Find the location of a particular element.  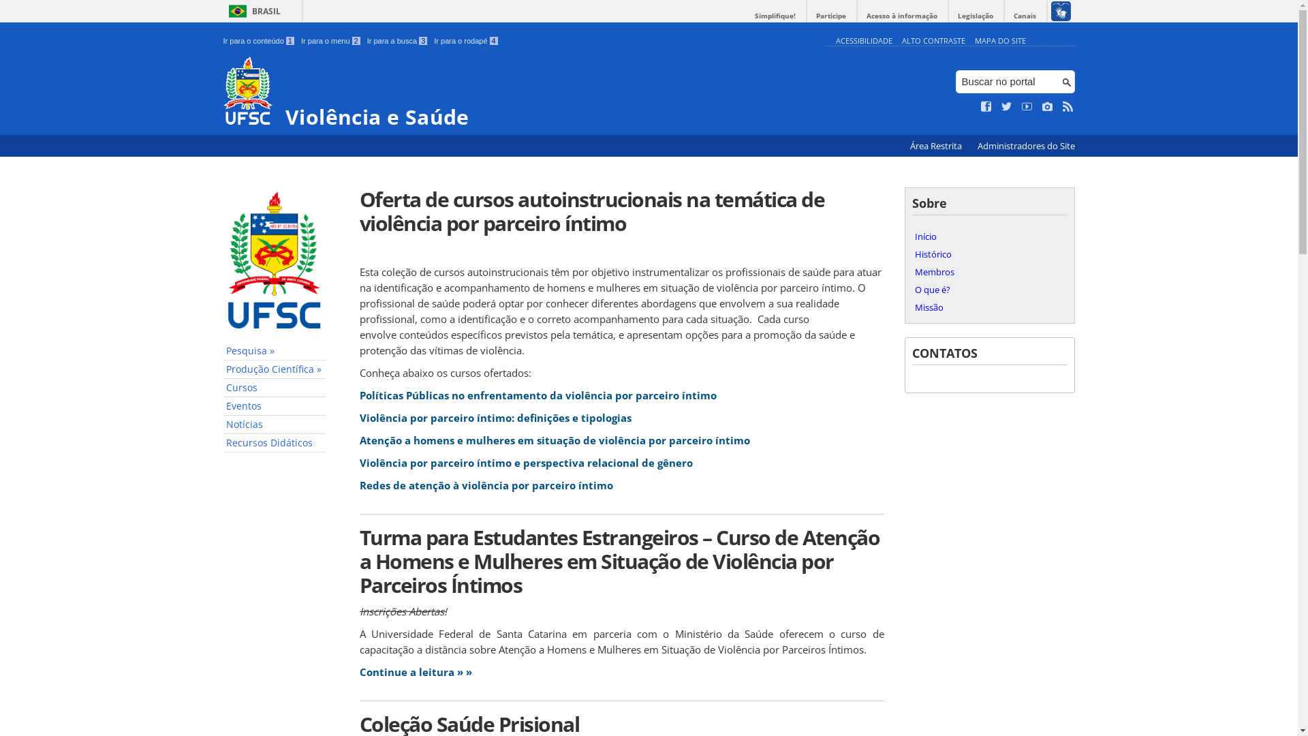

'Cursos' is located at coordinates (274, 388).